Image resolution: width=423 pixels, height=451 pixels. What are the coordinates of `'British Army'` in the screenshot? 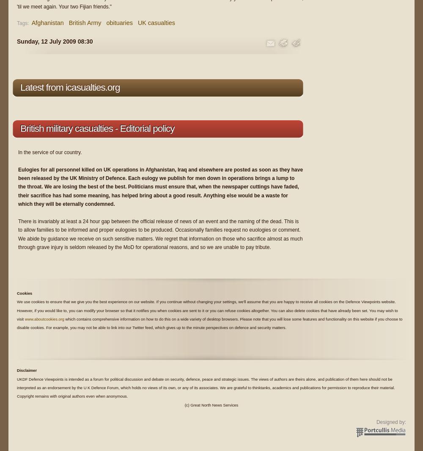 It's located at (84, 22).